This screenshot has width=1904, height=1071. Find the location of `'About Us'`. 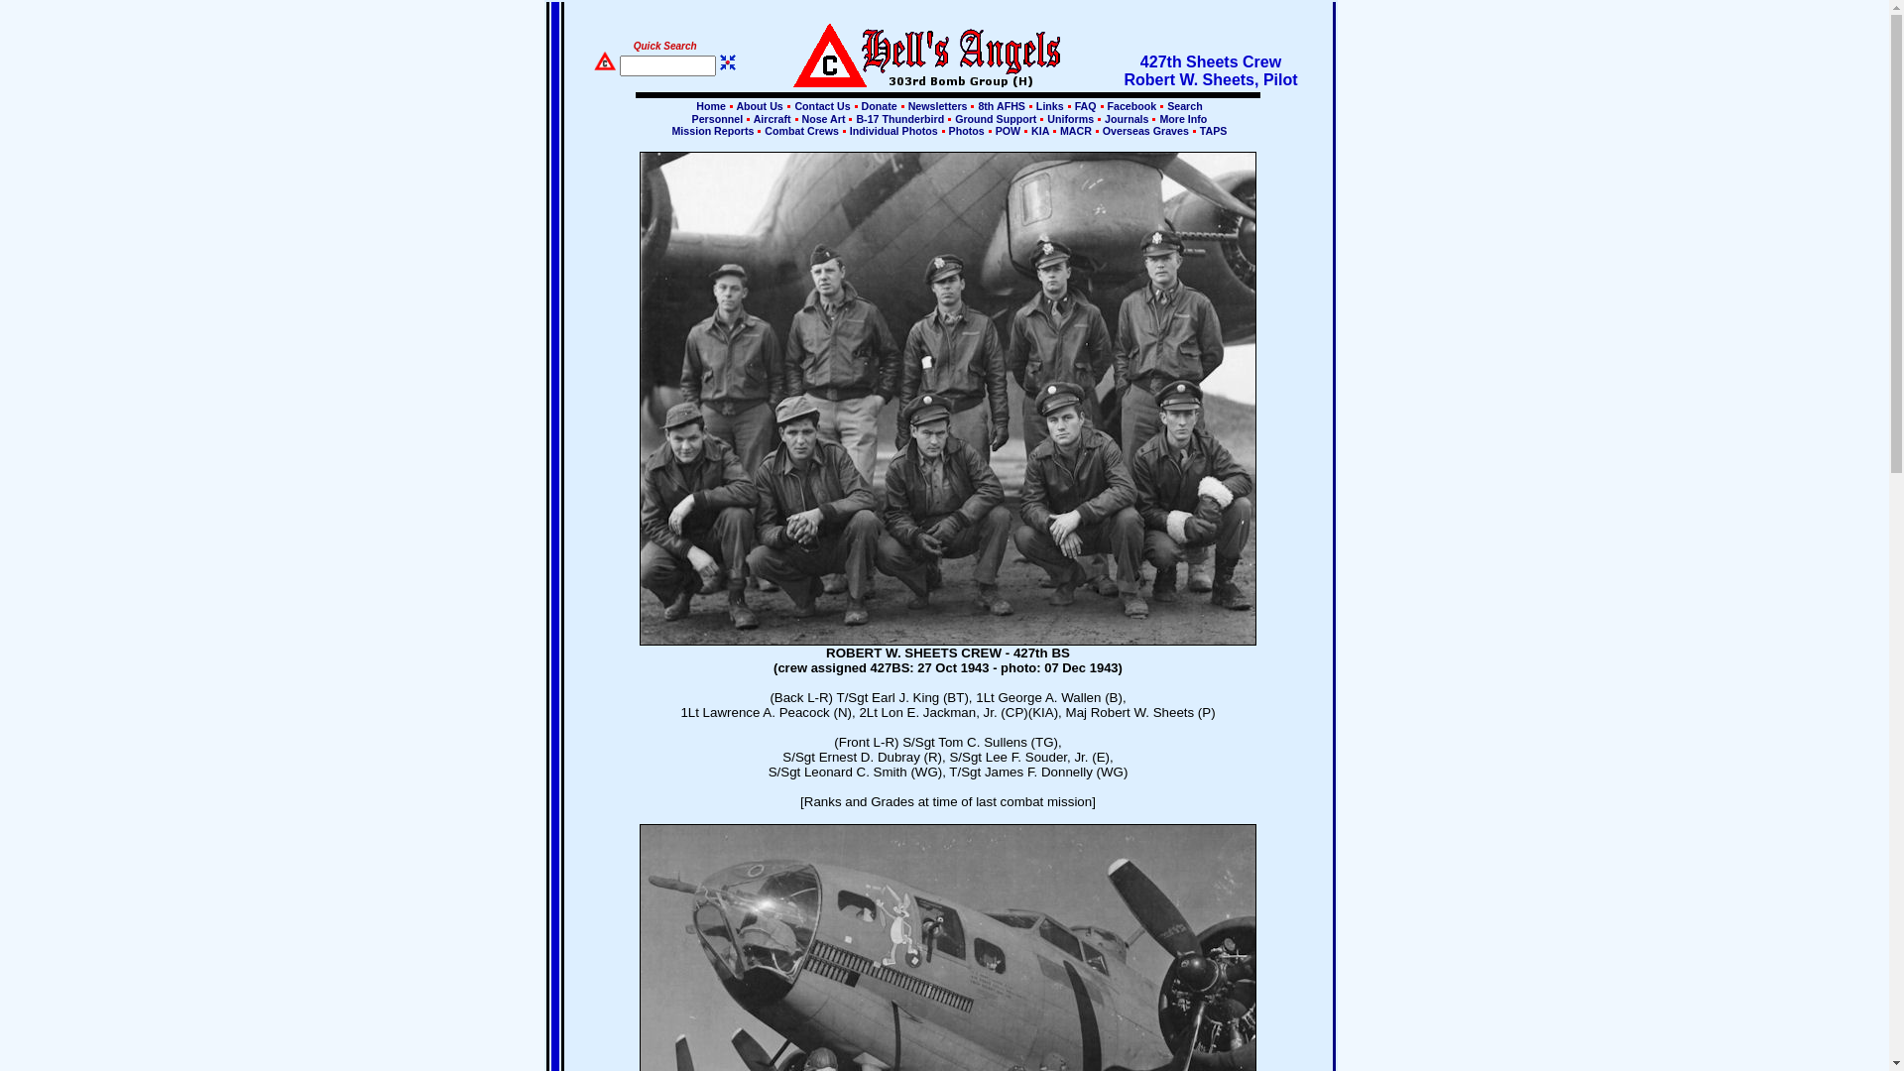

'About Us' is located at coordinates (757, 106).